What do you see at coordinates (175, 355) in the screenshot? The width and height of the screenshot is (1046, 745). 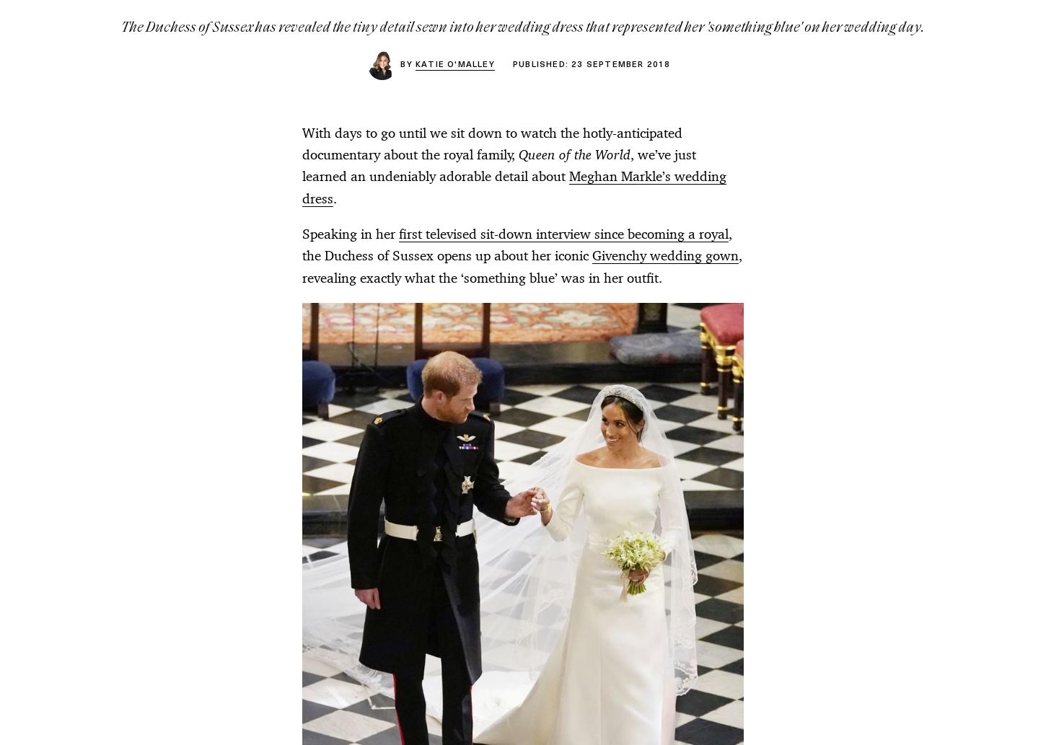 I see `'London Fashion Week'` at bounding box center [175, 355].